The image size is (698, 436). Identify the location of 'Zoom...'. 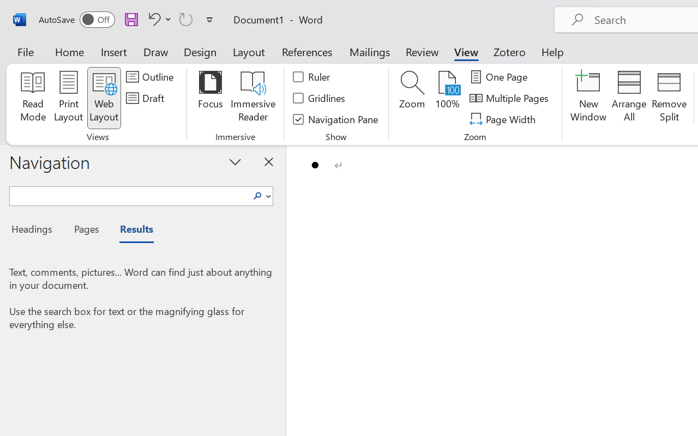
(411, 98).